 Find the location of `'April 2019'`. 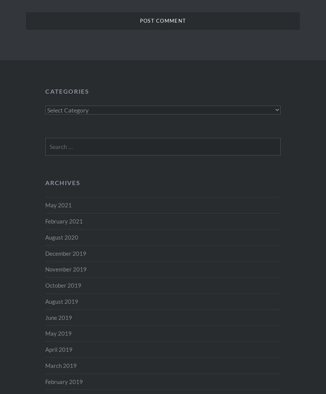

'April 2019' is located at coordinates (59, 349).